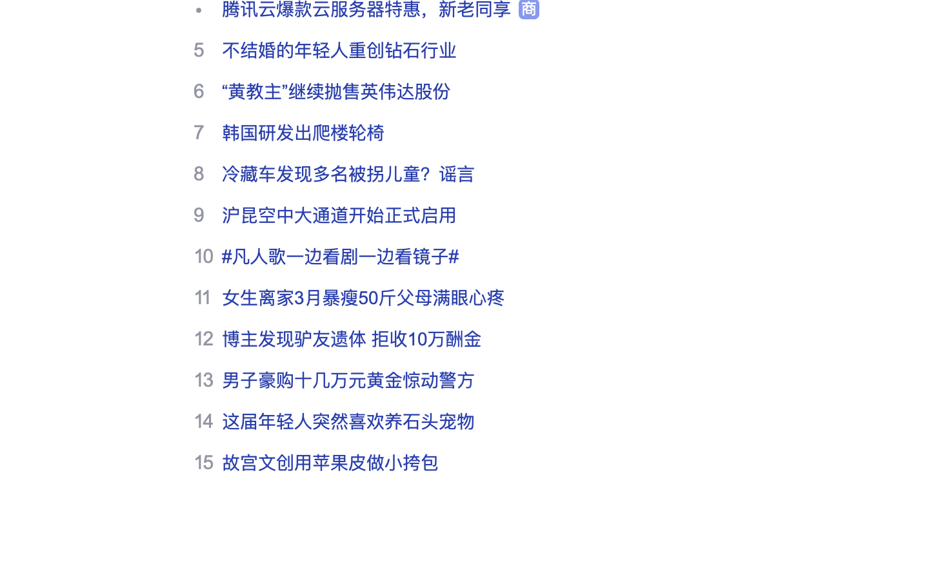 This screenshot has width=929, height=580. Describe the element at coordinates (199, 173) in the screenshot. I see `'8'` at that location.